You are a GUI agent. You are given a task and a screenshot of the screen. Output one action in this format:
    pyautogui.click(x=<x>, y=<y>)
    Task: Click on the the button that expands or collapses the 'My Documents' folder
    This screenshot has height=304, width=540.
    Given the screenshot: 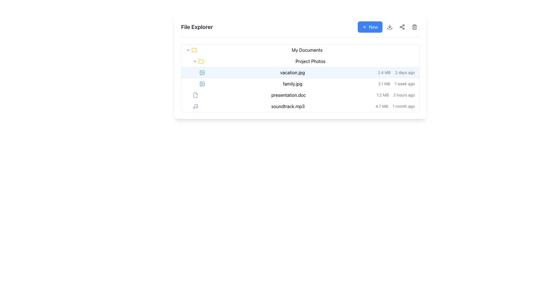 What is the action you would take?
    pyautogui.click(x=188, y=50)
    